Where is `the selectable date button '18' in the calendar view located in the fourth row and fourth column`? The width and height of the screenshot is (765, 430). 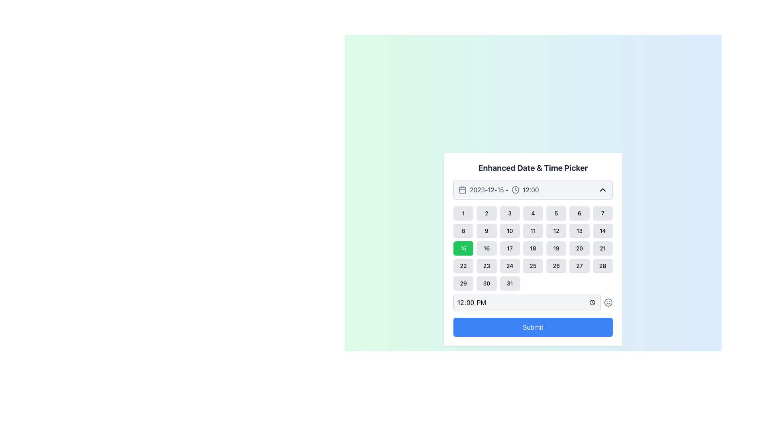
the selectable date button '18' in the calendar view located in the fourth row and fourth column is located at coordinates (533, 248).